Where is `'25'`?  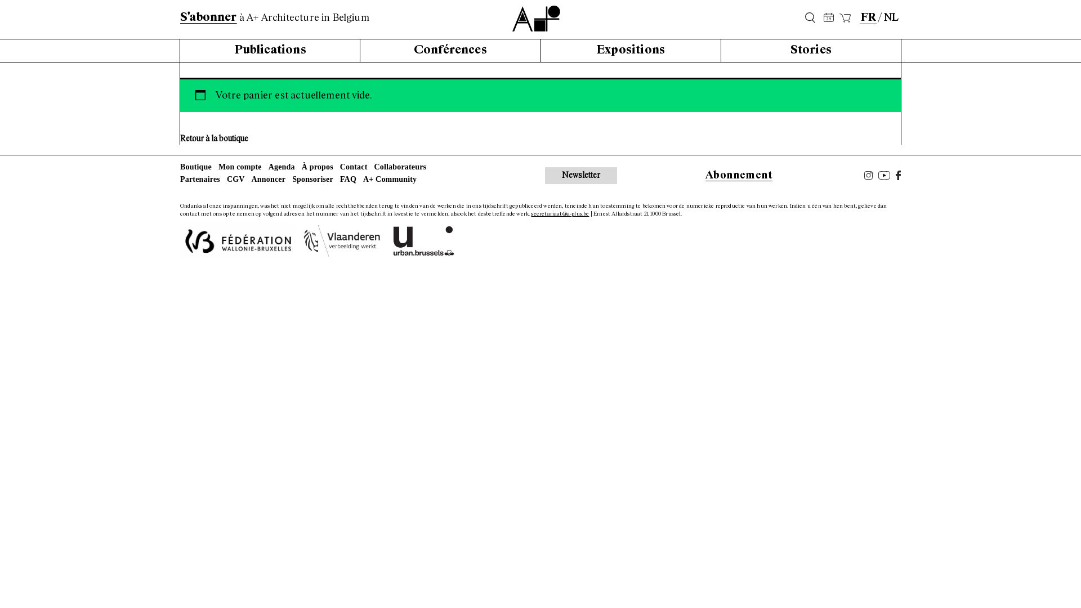 '25' is located at coordinates (829, 17).